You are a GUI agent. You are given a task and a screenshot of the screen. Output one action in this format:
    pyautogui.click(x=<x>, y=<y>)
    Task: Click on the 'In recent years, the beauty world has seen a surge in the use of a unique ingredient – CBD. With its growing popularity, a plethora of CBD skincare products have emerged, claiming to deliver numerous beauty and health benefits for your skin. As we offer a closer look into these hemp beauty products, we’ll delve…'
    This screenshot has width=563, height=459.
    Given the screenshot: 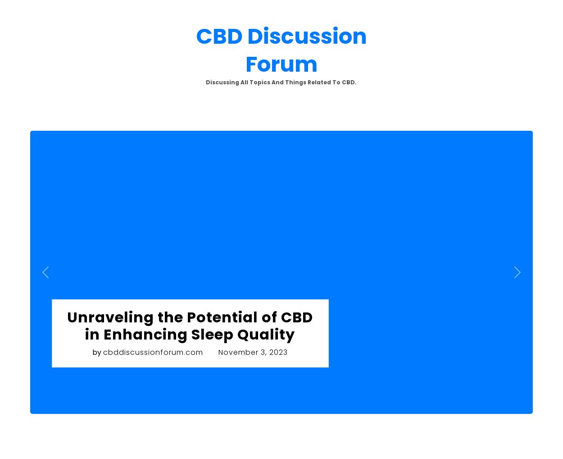 What is the action you would take?
    pyautogui.click(x=88, y=260)
    